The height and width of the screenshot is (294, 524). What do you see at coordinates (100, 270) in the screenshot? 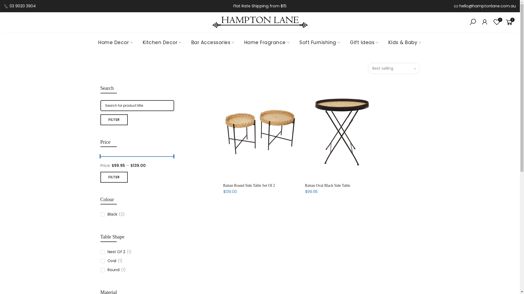
I see `'Round` at bounding box center [100, 270].